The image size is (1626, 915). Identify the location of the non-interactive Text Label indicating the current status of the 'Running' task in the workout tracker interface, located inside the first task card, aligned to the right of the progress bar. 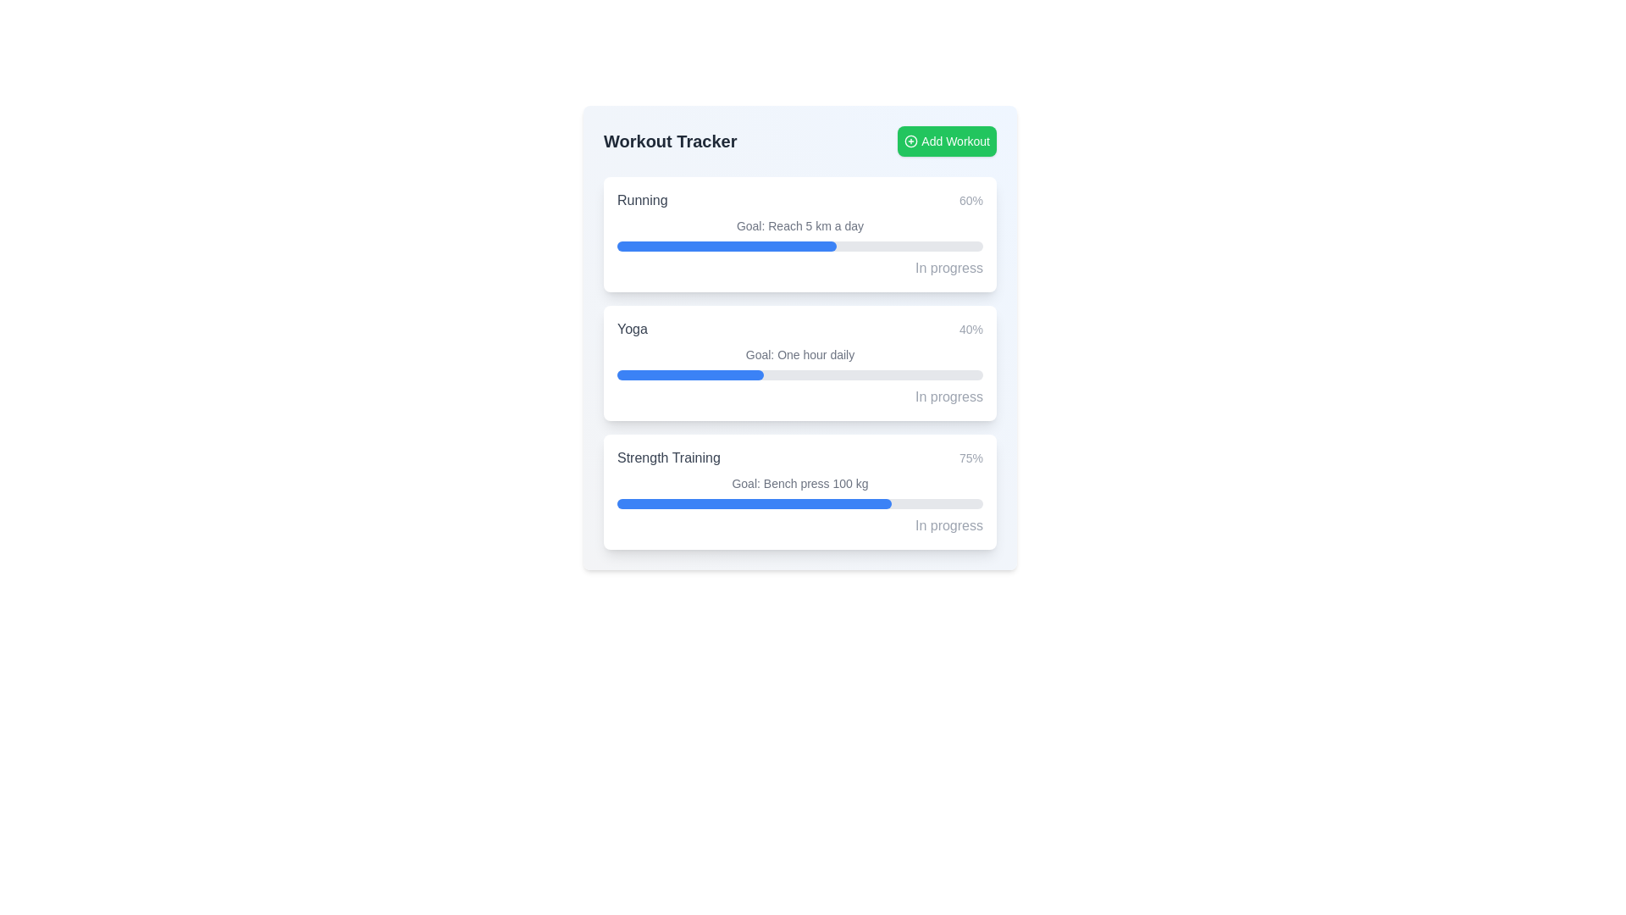
(948, 267).